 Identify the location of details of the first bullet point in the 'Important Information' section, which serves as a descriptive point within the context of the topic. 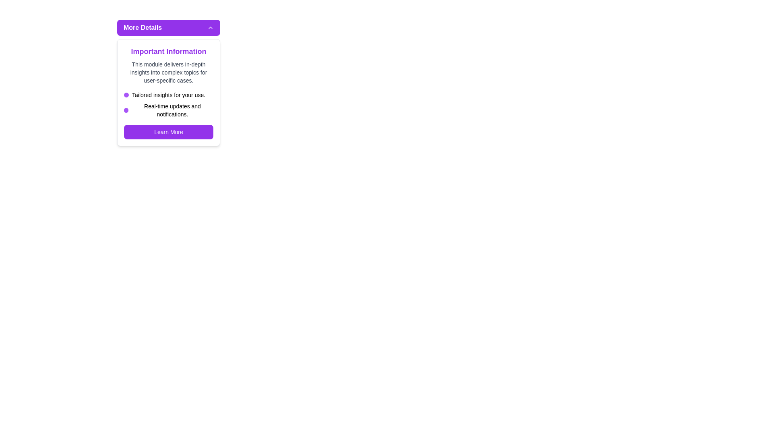
(168, 94).